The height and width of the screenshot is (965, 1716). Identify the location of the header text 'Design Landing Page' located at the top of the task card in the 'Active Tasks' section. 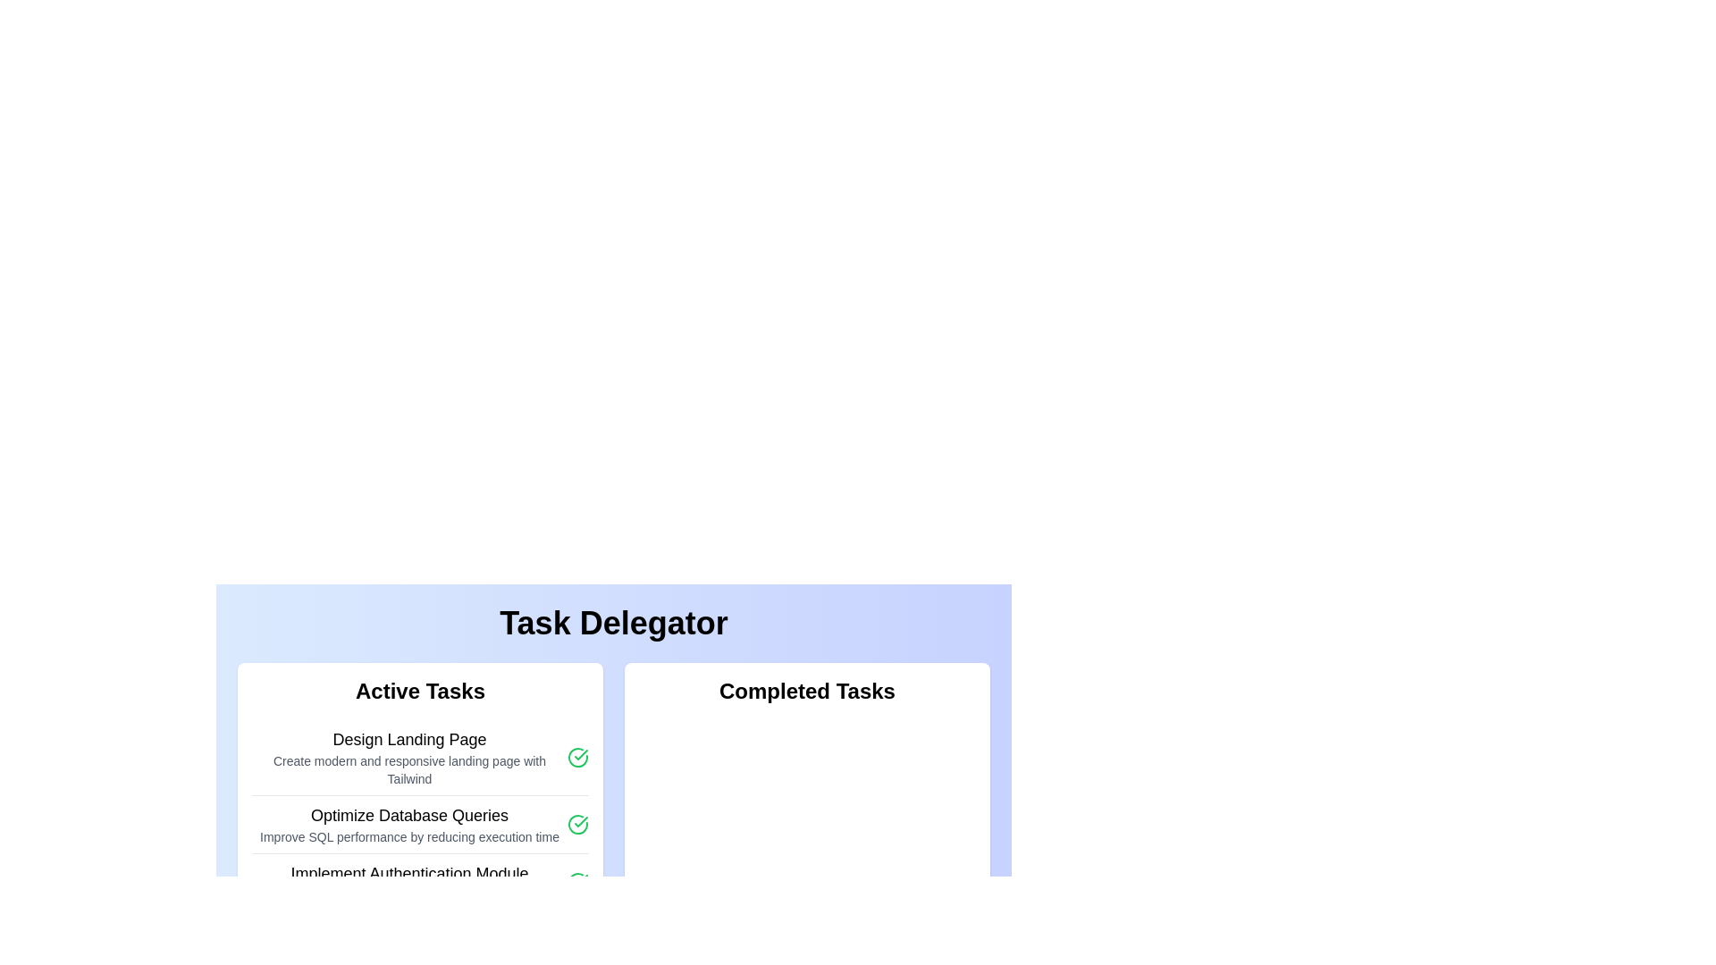
(408, 740).